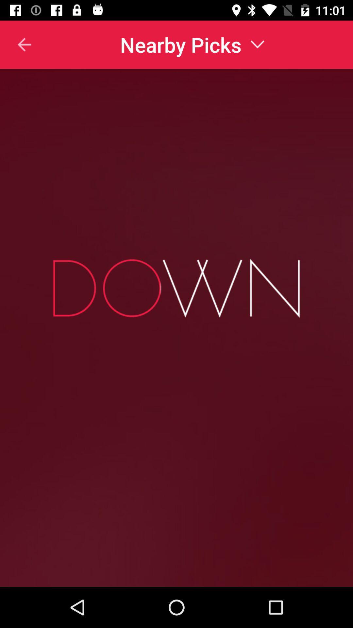  Describe the element at coordinates (16, 44) in the screenshot. I see `item at the top left corner` at that location.